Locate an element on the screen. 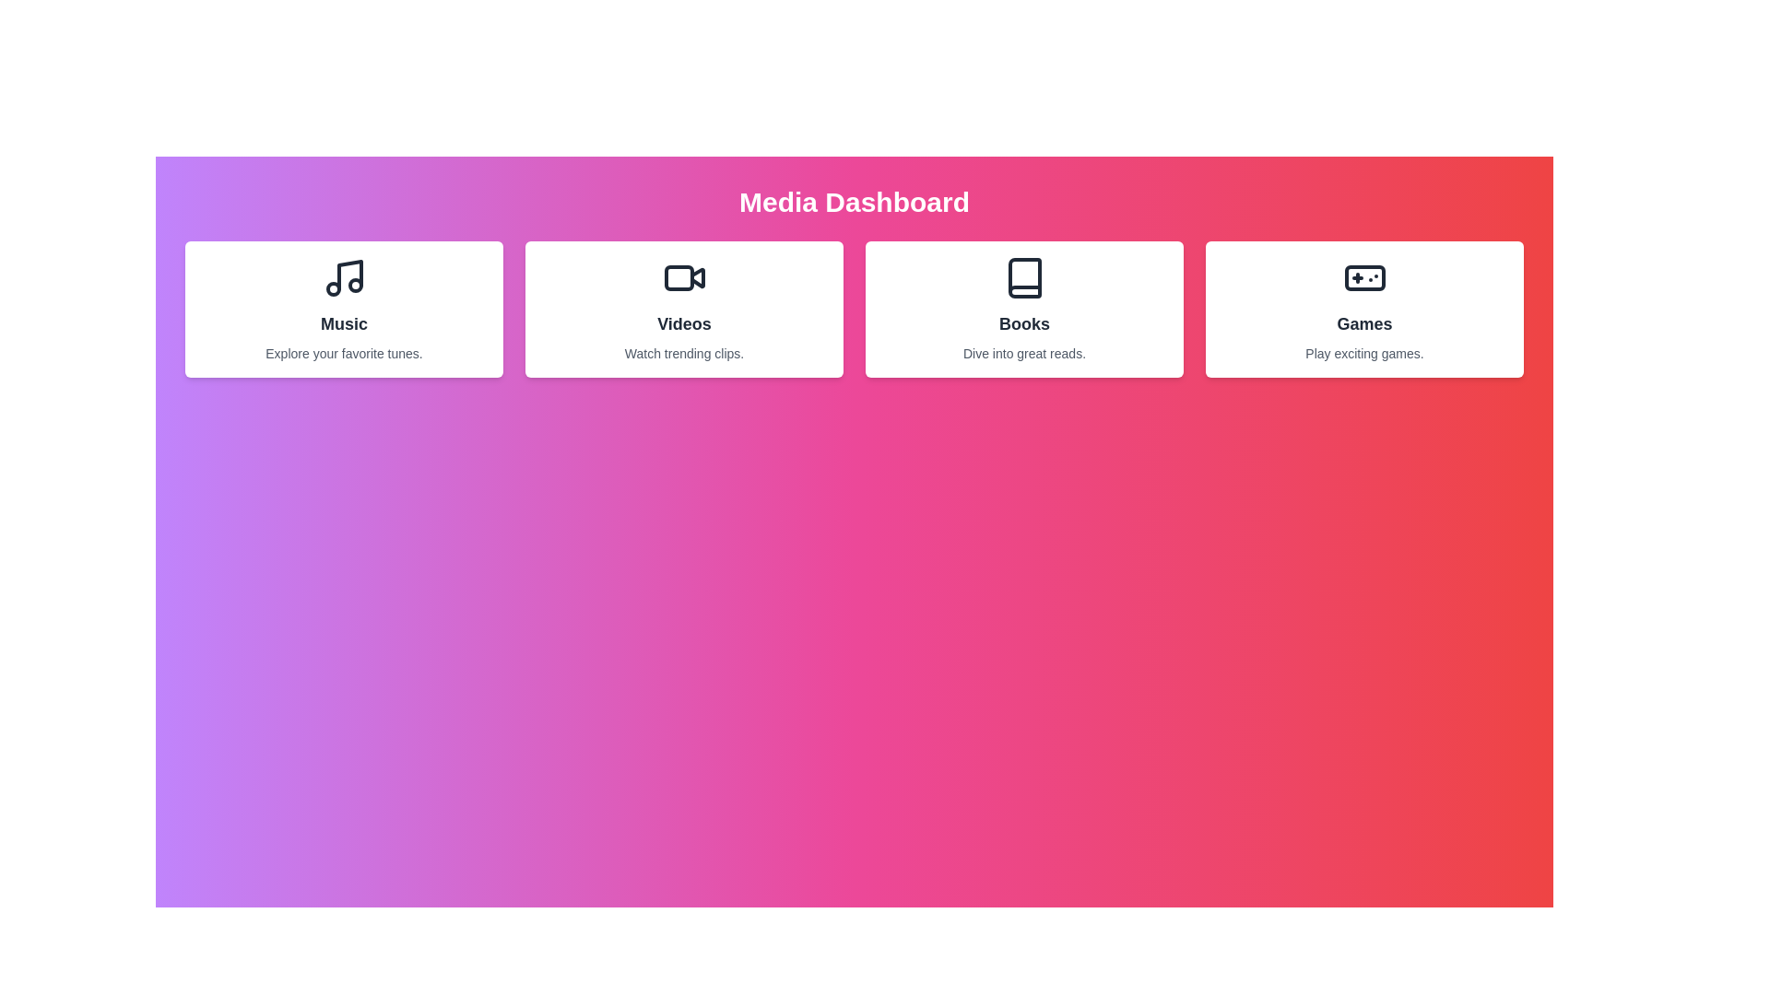  centered bold text element displaying 'Media Dashboard' in 3XL font size, located in the header section above the grid of features is located at coordinates (853, 202).